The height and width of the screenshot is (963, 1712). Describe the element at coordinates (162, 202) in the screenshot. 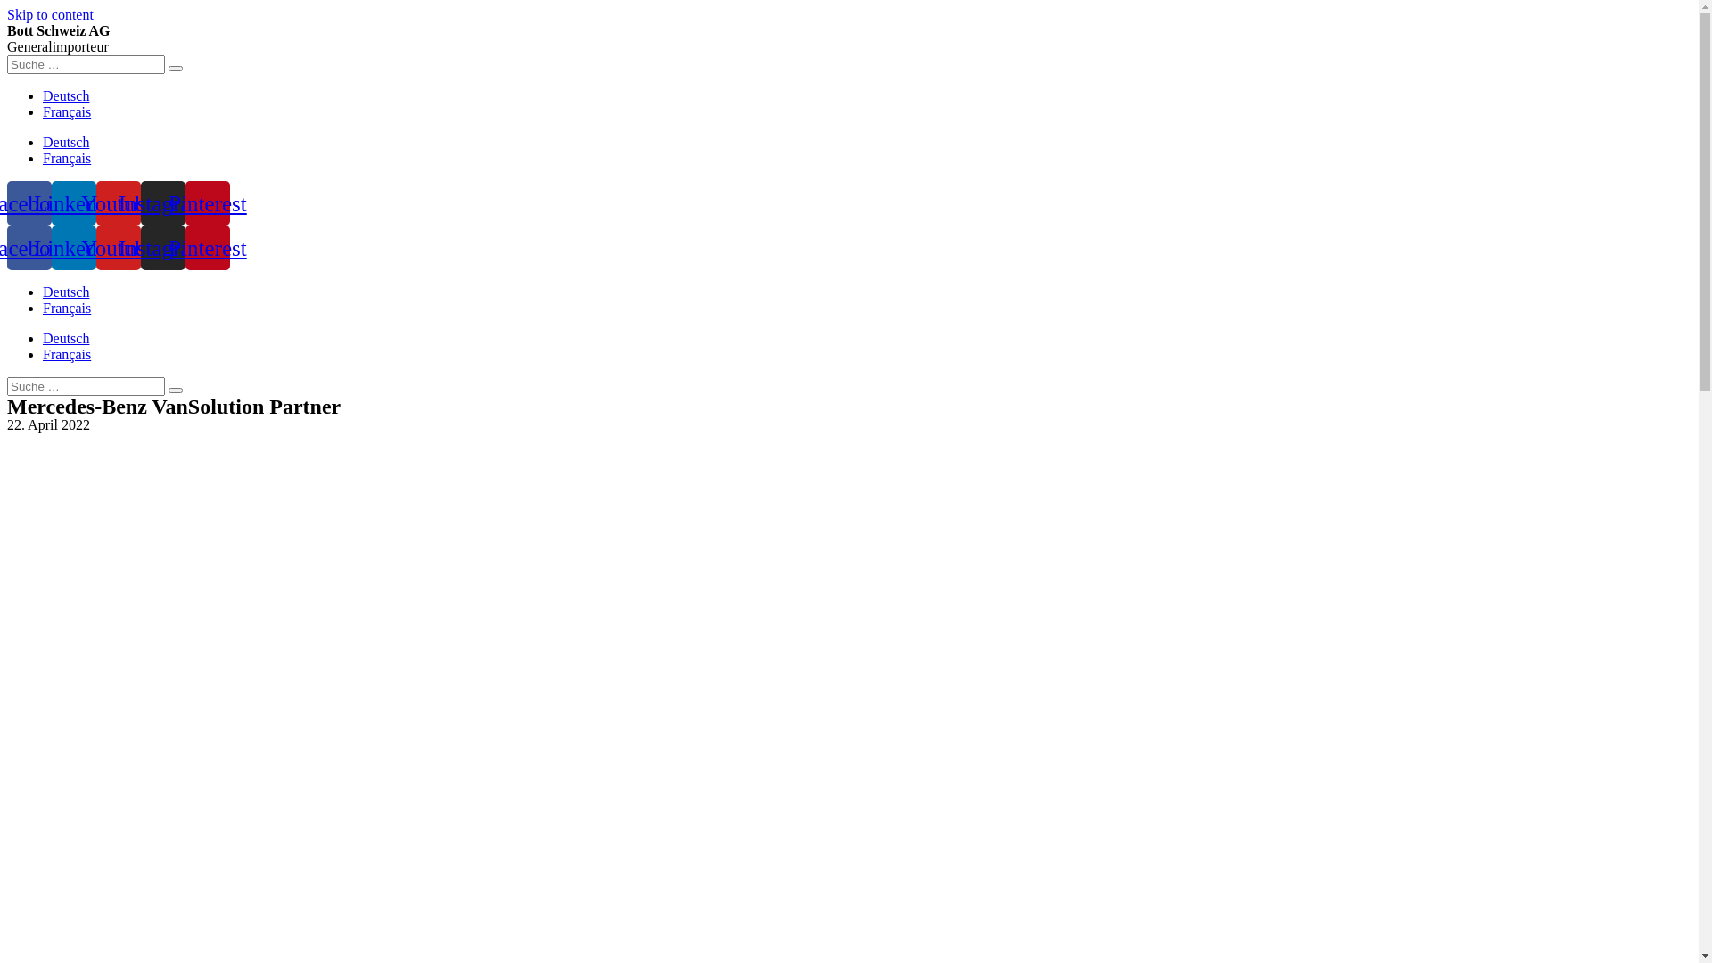

I see `'Instagram'` at that location.